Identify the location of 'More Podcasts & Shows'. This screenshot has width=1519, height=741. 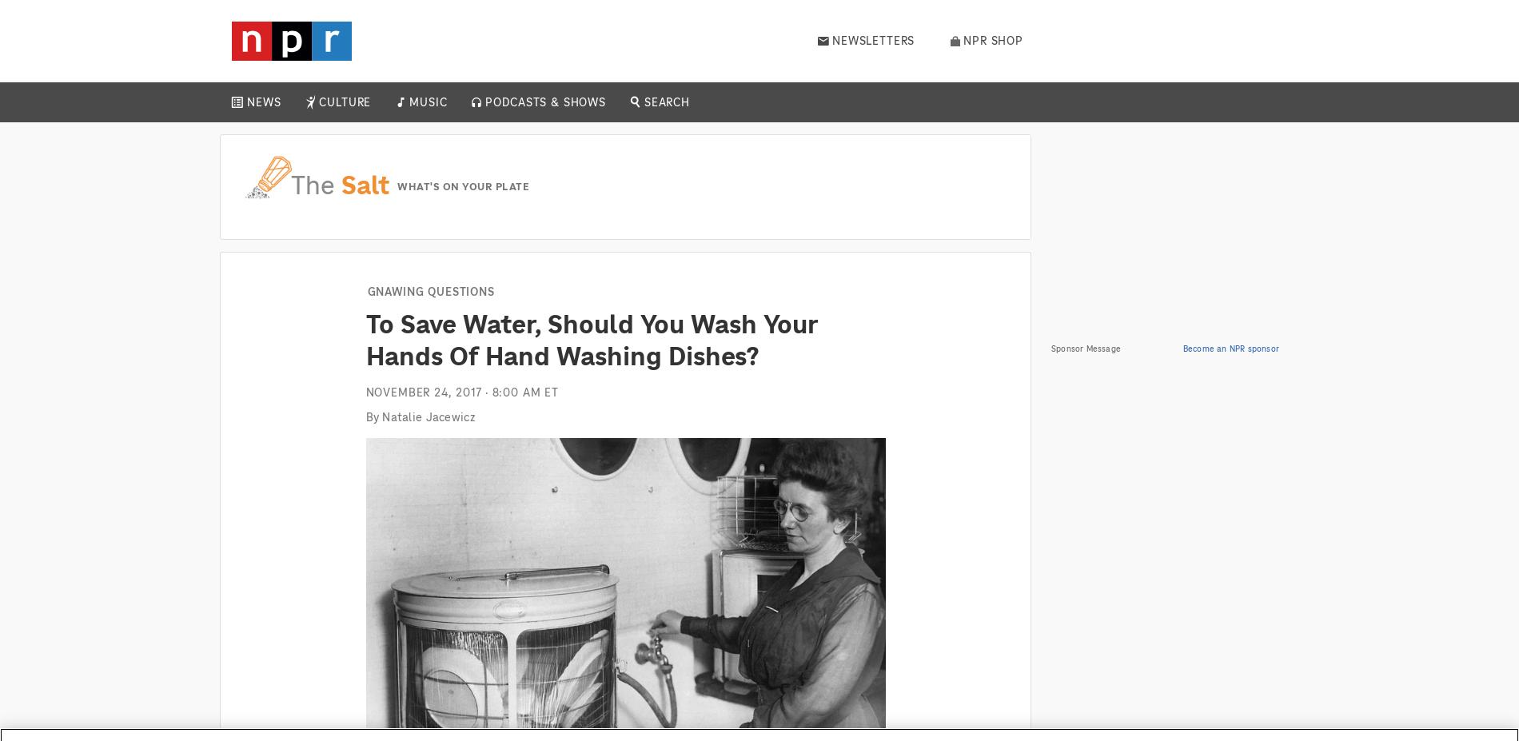
(677, 351).